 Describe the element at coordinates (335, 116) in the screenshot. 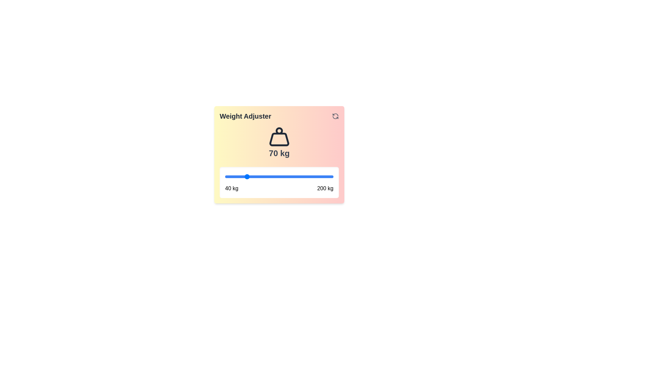

I see `the reset button to refresh the panel` at that location.